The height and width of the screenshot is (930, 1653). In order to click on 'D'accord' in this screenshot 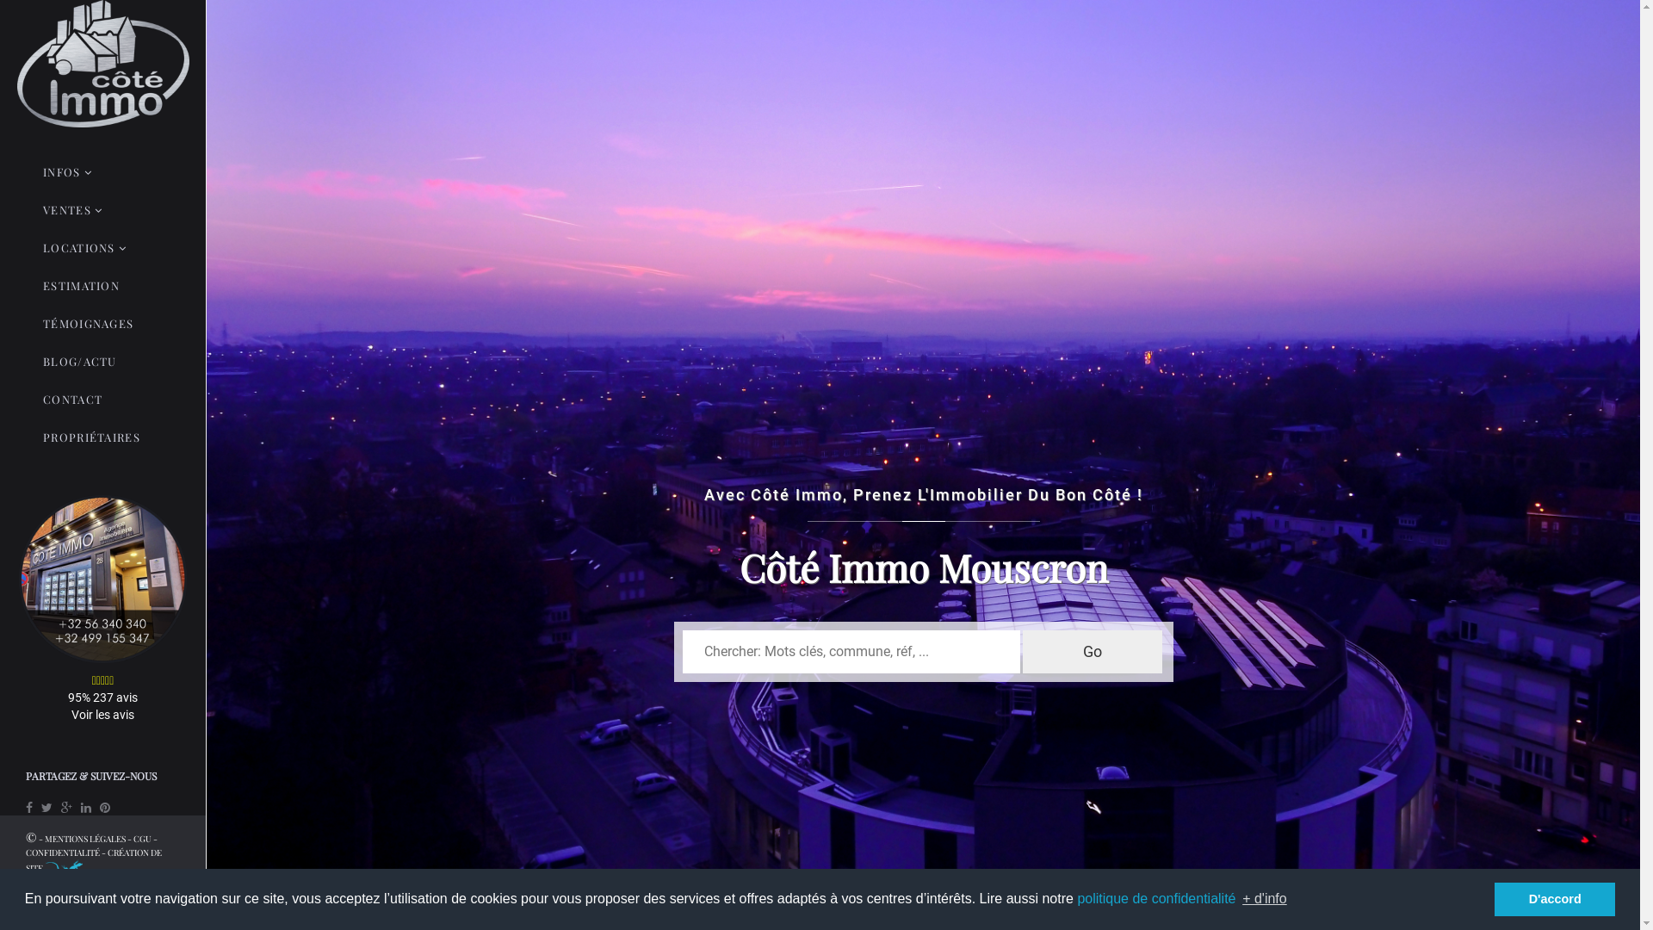, I will do `click(1554, 898)`.